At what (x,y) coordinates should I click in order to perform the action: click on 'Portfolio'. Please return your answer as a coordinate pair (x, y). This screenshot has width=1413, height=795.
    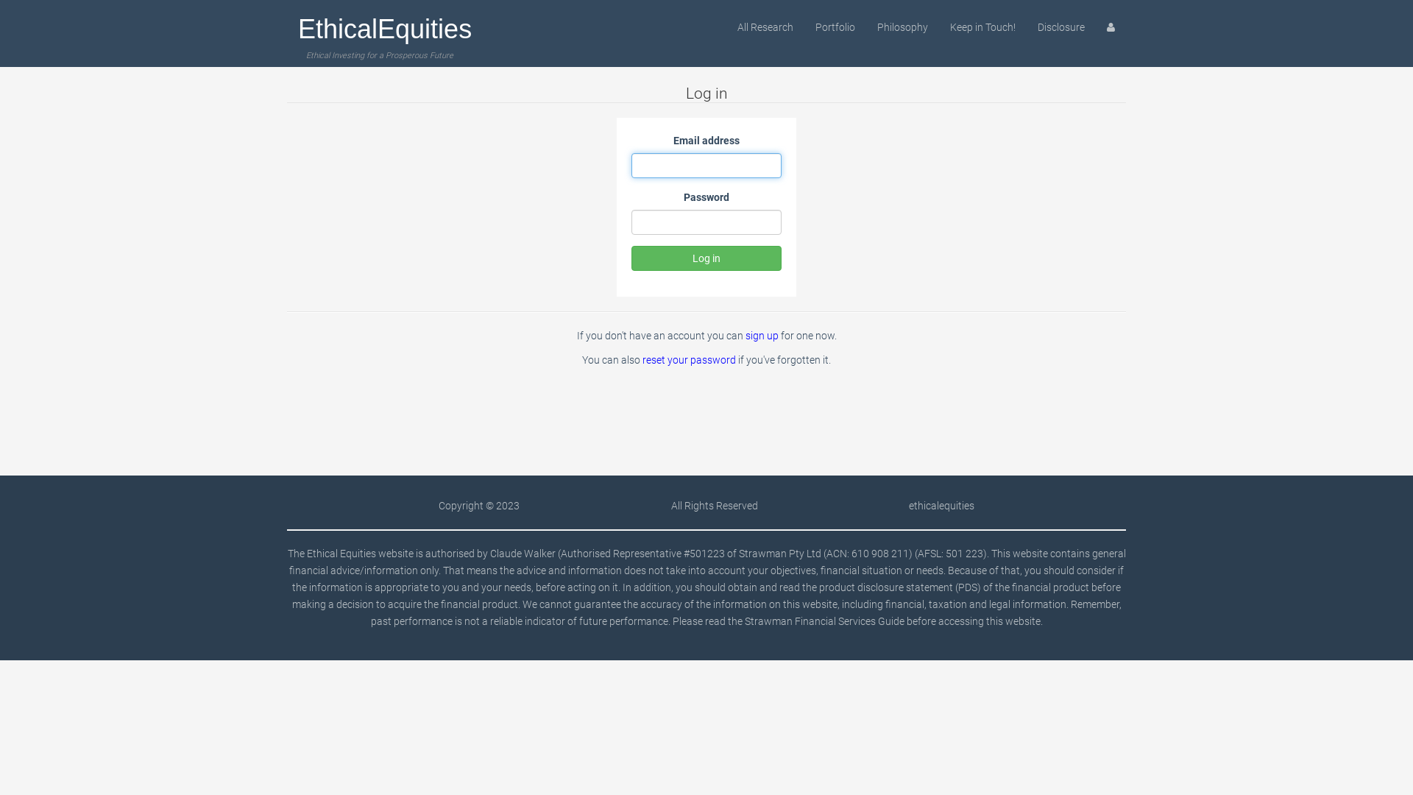
    Looking at the image, I should click on (835, 27).